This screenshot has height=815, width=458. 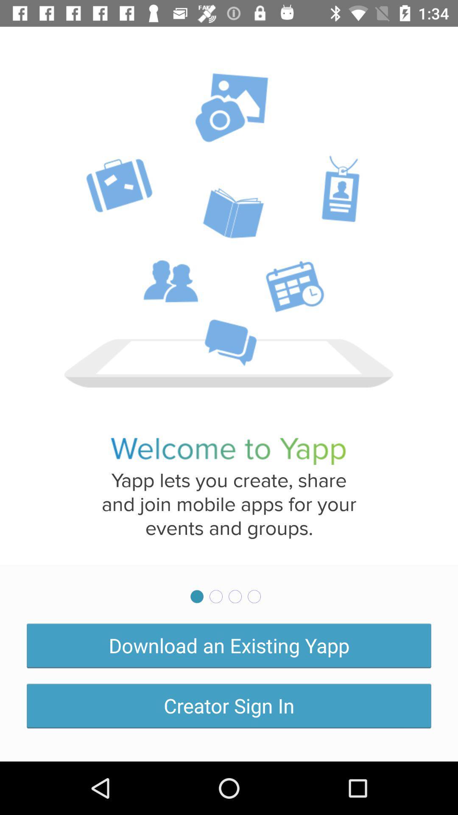 I want to click on creator sign in icon, so click(x=229, y=705).